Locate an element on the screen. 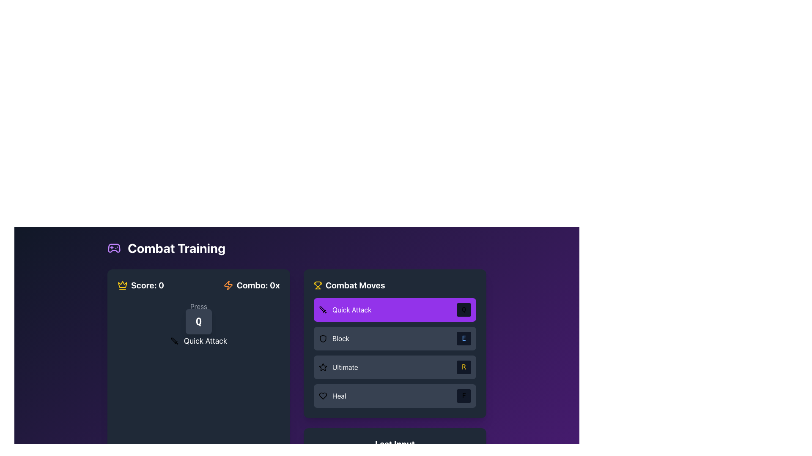  the small rectangular button with a rounded border, dark gray background, and yellow 'R' text, located in the bottom-right corner of the 'Ultimate' list item in the 'Combat Moves' section is located at coordinates (464, 367).